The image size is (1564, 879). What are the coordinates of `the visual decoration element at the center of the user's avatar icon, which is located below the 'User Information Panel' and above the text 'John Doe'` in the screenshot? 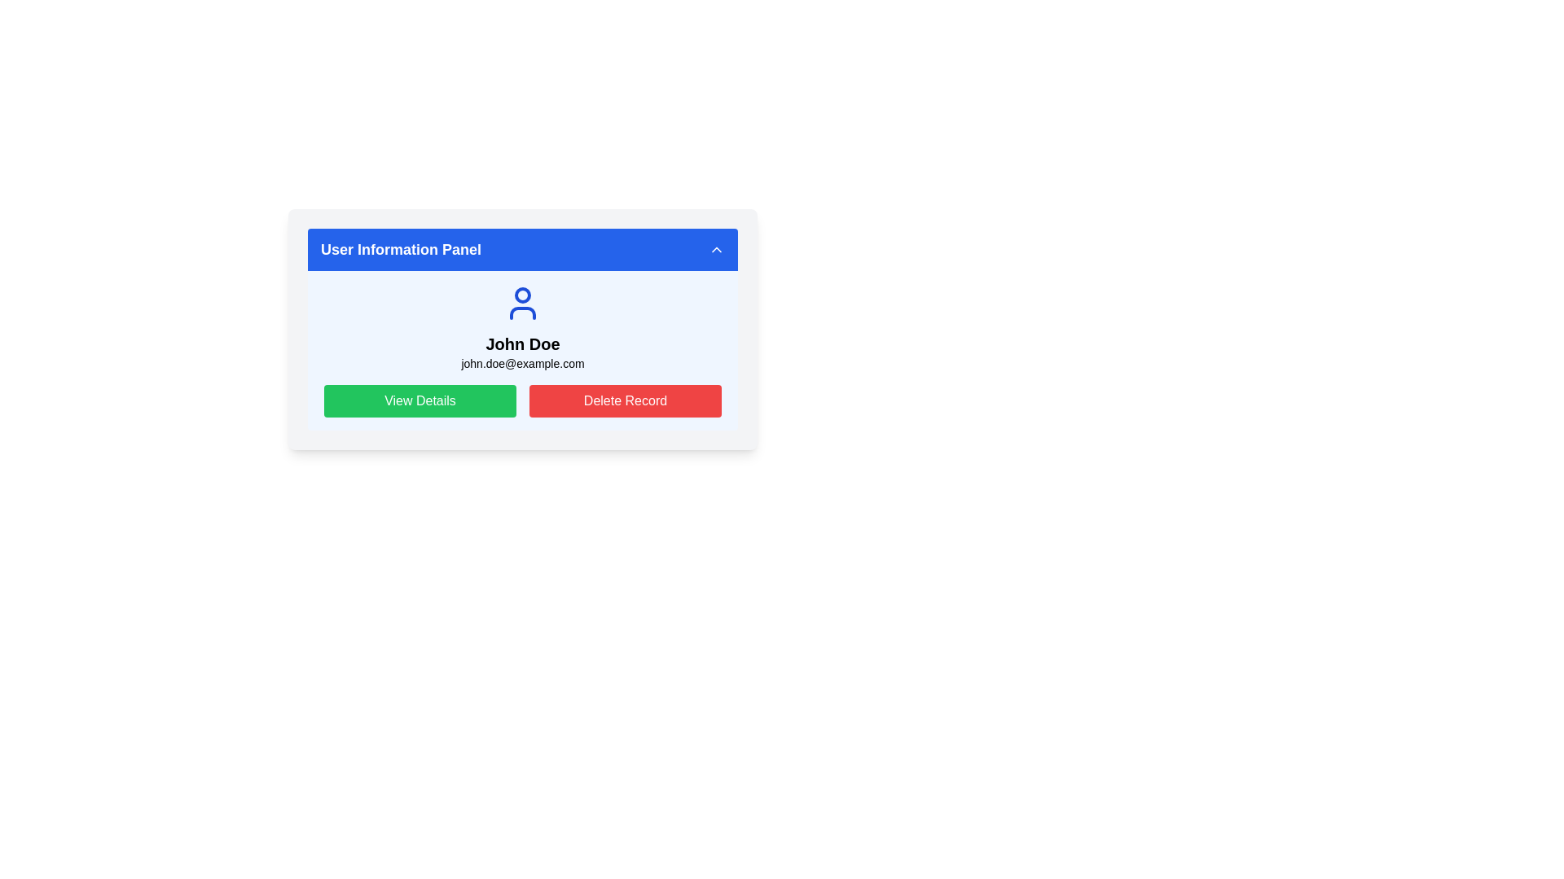 It's located at (523, 295).